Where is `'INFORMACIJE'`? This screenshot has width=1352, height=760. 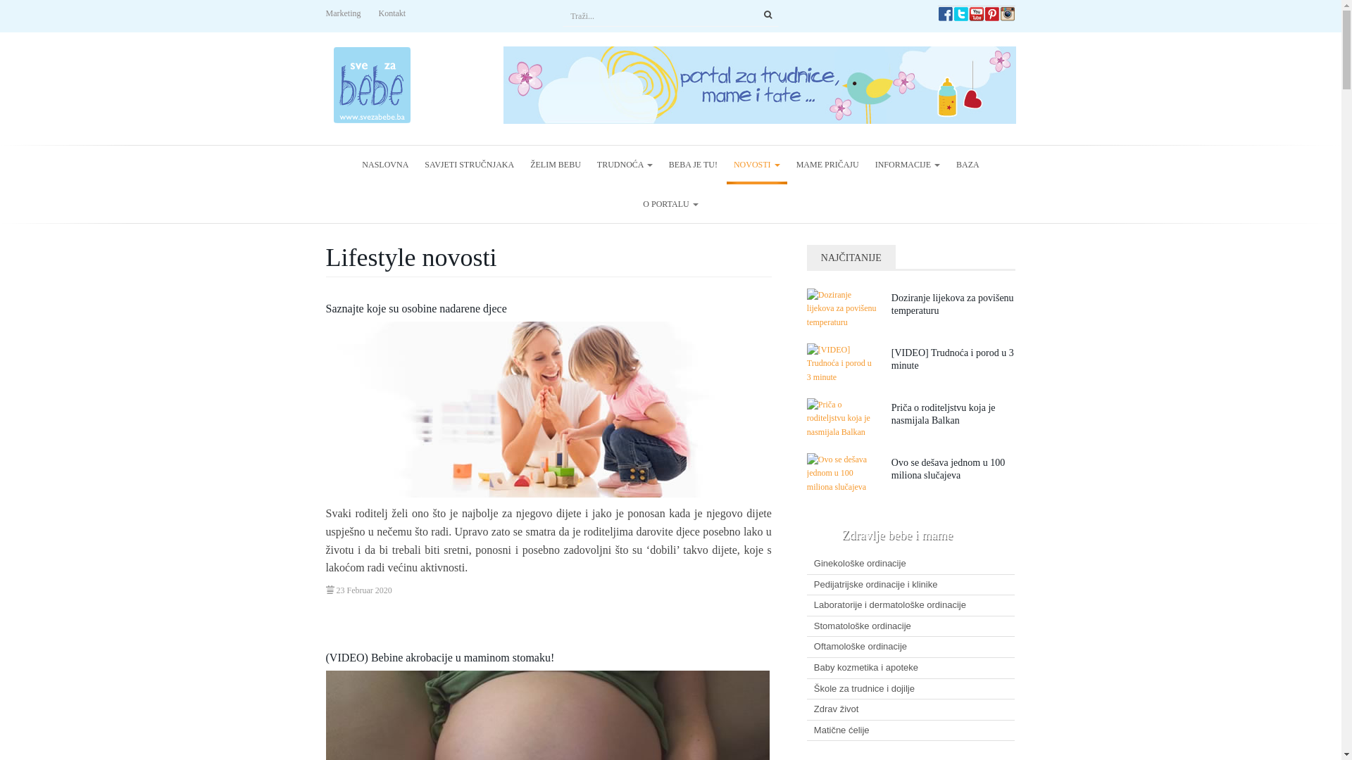 'INFORMACIJE' is located at coordinates (908, 164).